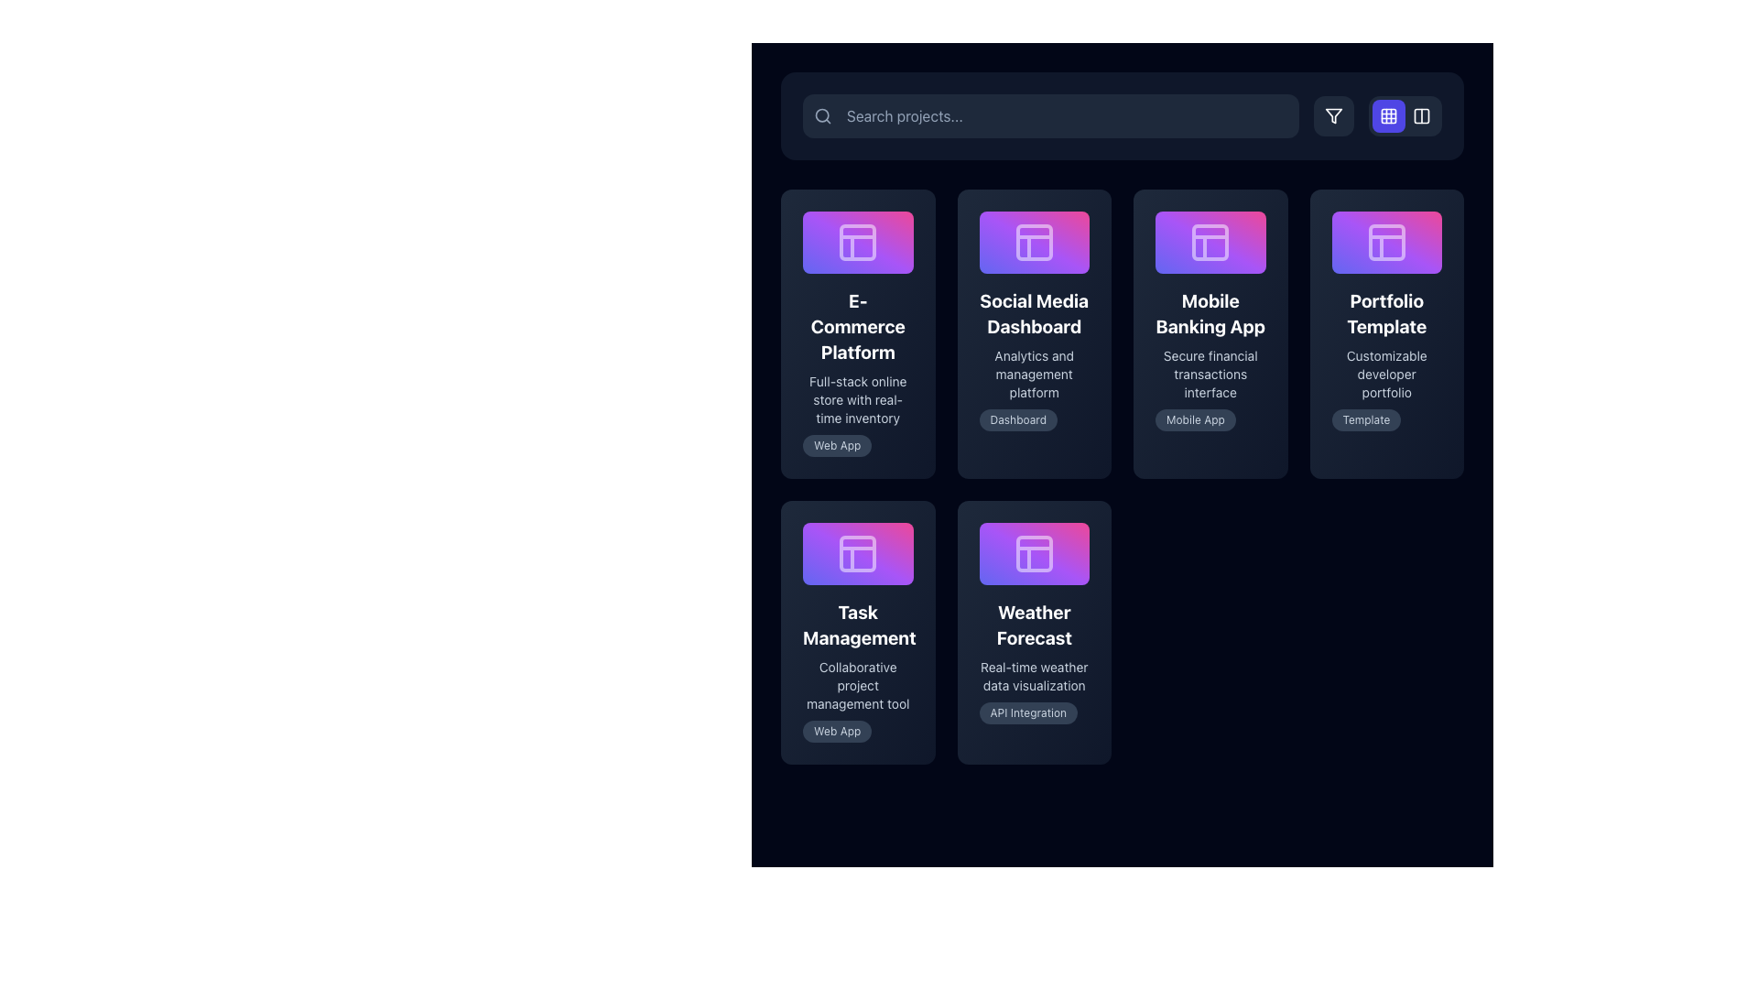 This screenshot has width=1758, height=989. I want to click on the descriptive subtitle text label located below the 'E-Commerce Platform' heading and above the 'Web App' label on the top-left card in the grid layout, so click(857, 398).